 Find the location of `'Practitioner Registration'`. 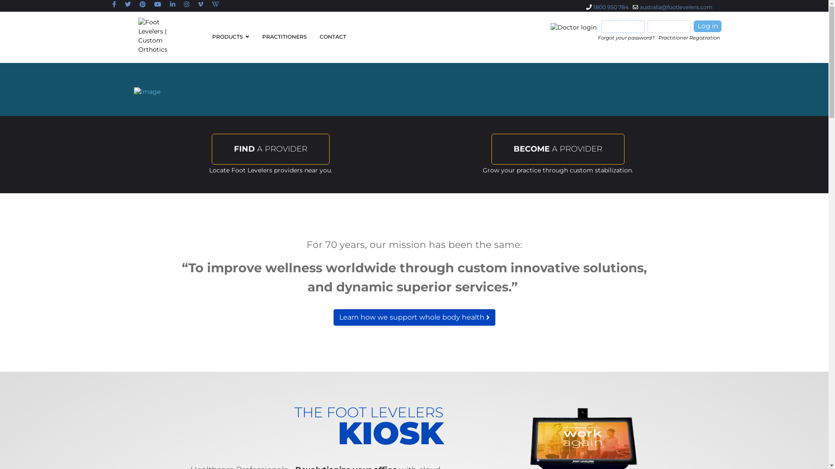

'Practitioner Registration' is located at coordinates (688, 37).